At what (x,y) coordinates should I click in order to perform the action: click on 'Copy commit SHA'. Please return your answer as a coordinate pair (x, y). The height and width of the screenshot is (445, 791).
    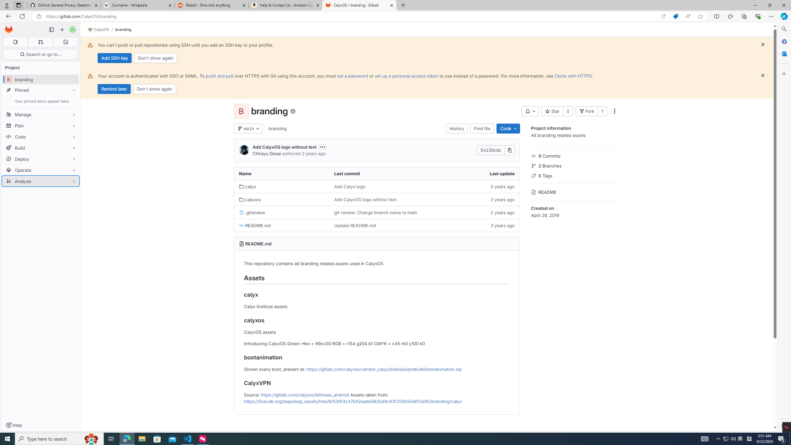
    Looking at the image, I should click on (509, 150).